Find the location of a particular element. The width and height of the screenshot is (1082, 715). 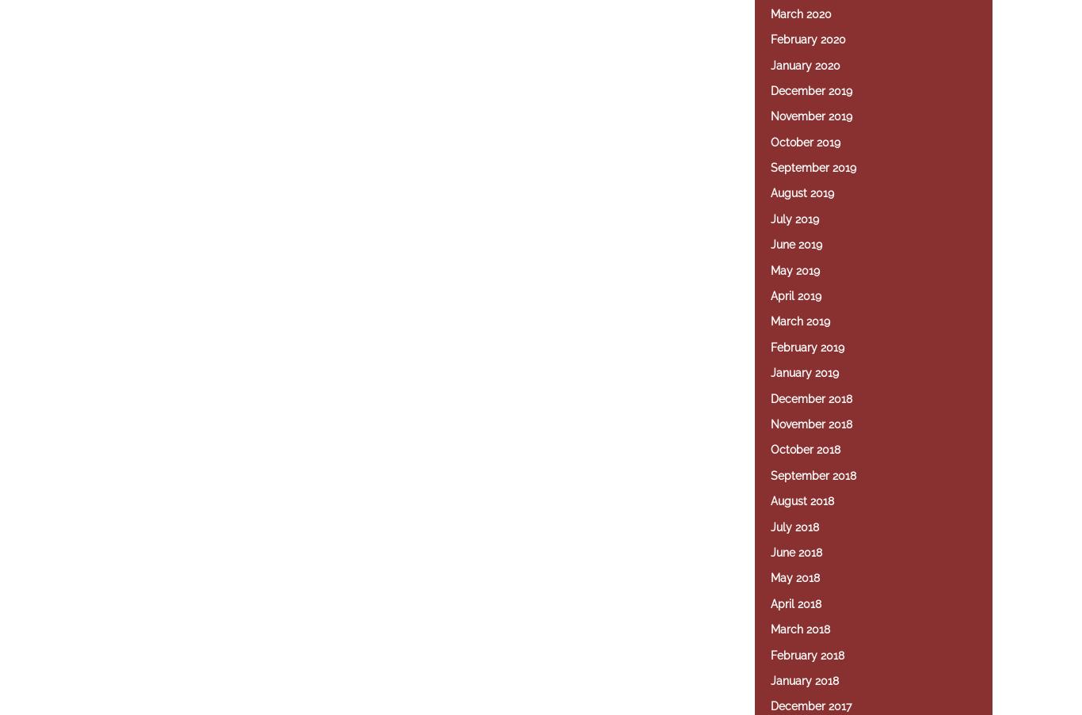

'March 2019' is located at coordinates (800, 320).